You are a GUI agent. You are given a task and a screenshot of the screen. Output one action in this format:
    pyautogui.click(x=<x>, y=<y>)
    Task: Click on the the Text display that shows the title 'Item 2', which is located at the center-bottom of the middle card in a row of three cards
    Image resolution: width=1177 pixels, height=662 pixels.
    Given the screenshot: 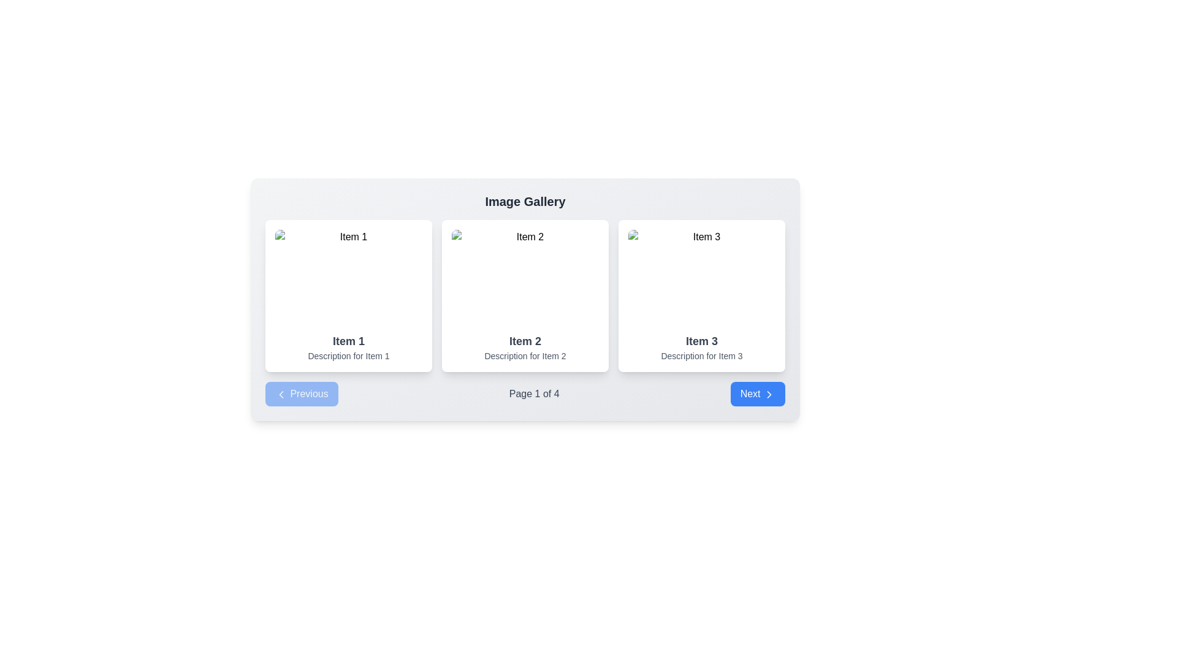 What is the action you would take?
    pyautogui.click(x=525, y=341)
    